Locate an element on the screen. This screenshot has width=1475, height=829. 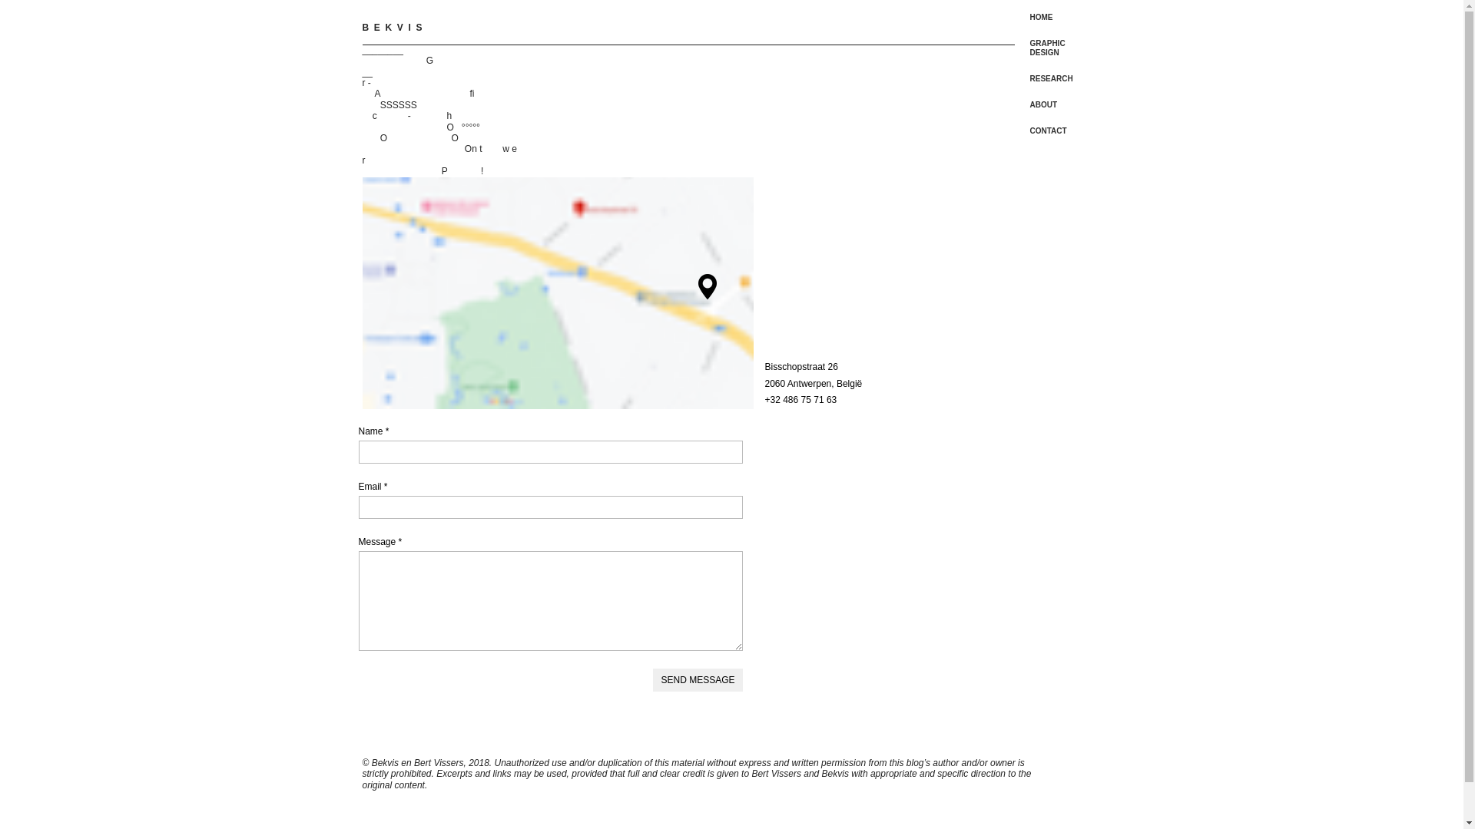
'RESEARCH' is located at coordinates (1050, 79).